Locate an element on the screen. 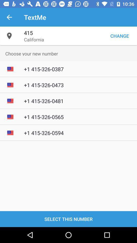  item at the top right corner is located at coordinates (119, 35).